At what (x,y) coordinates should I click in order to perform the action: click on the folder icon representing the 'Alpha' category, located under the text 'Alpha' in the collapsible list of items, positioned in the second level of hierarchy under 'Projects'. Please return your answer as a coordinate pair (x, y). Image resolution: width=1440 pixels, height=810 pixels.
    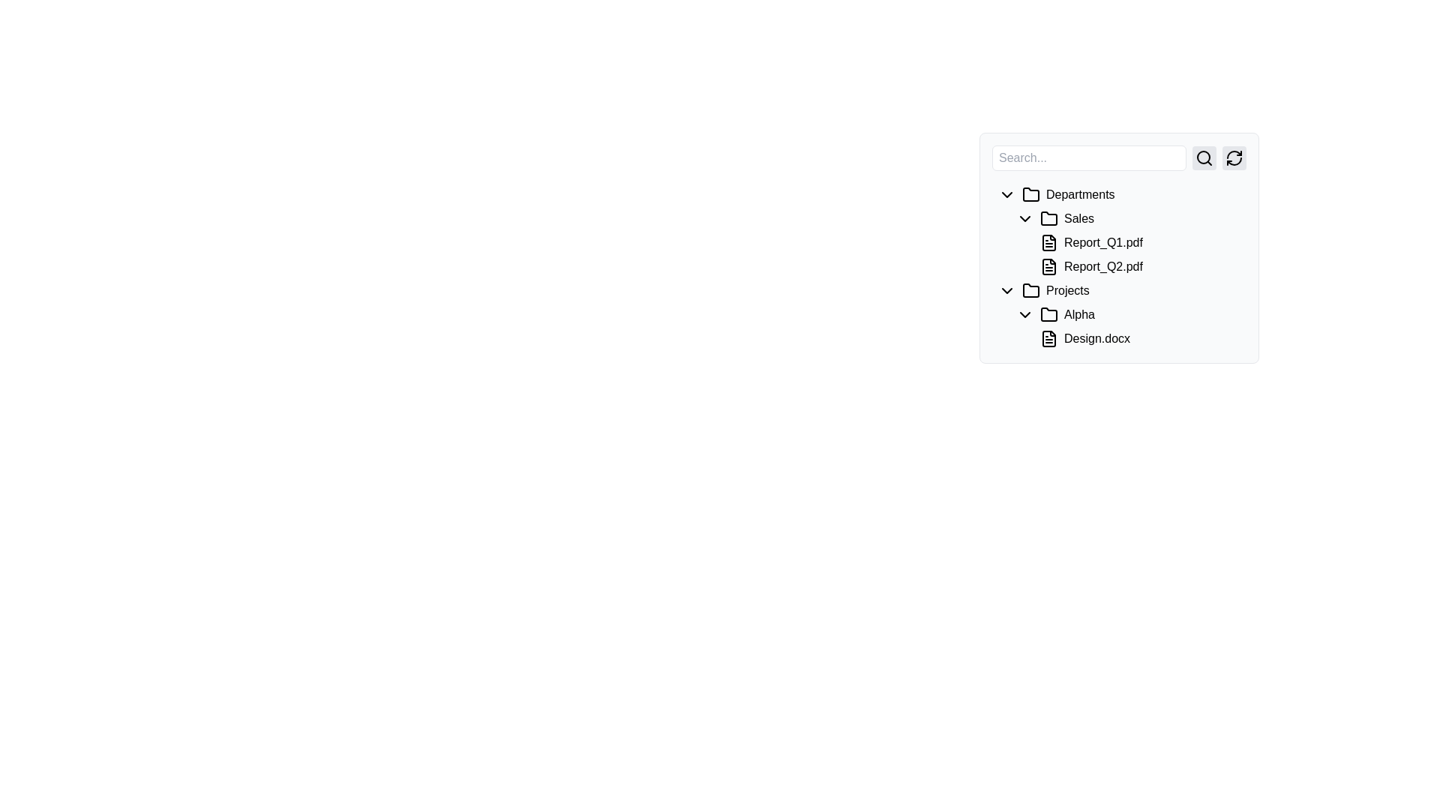
    Looking at the image, I should click on (1051, 314).